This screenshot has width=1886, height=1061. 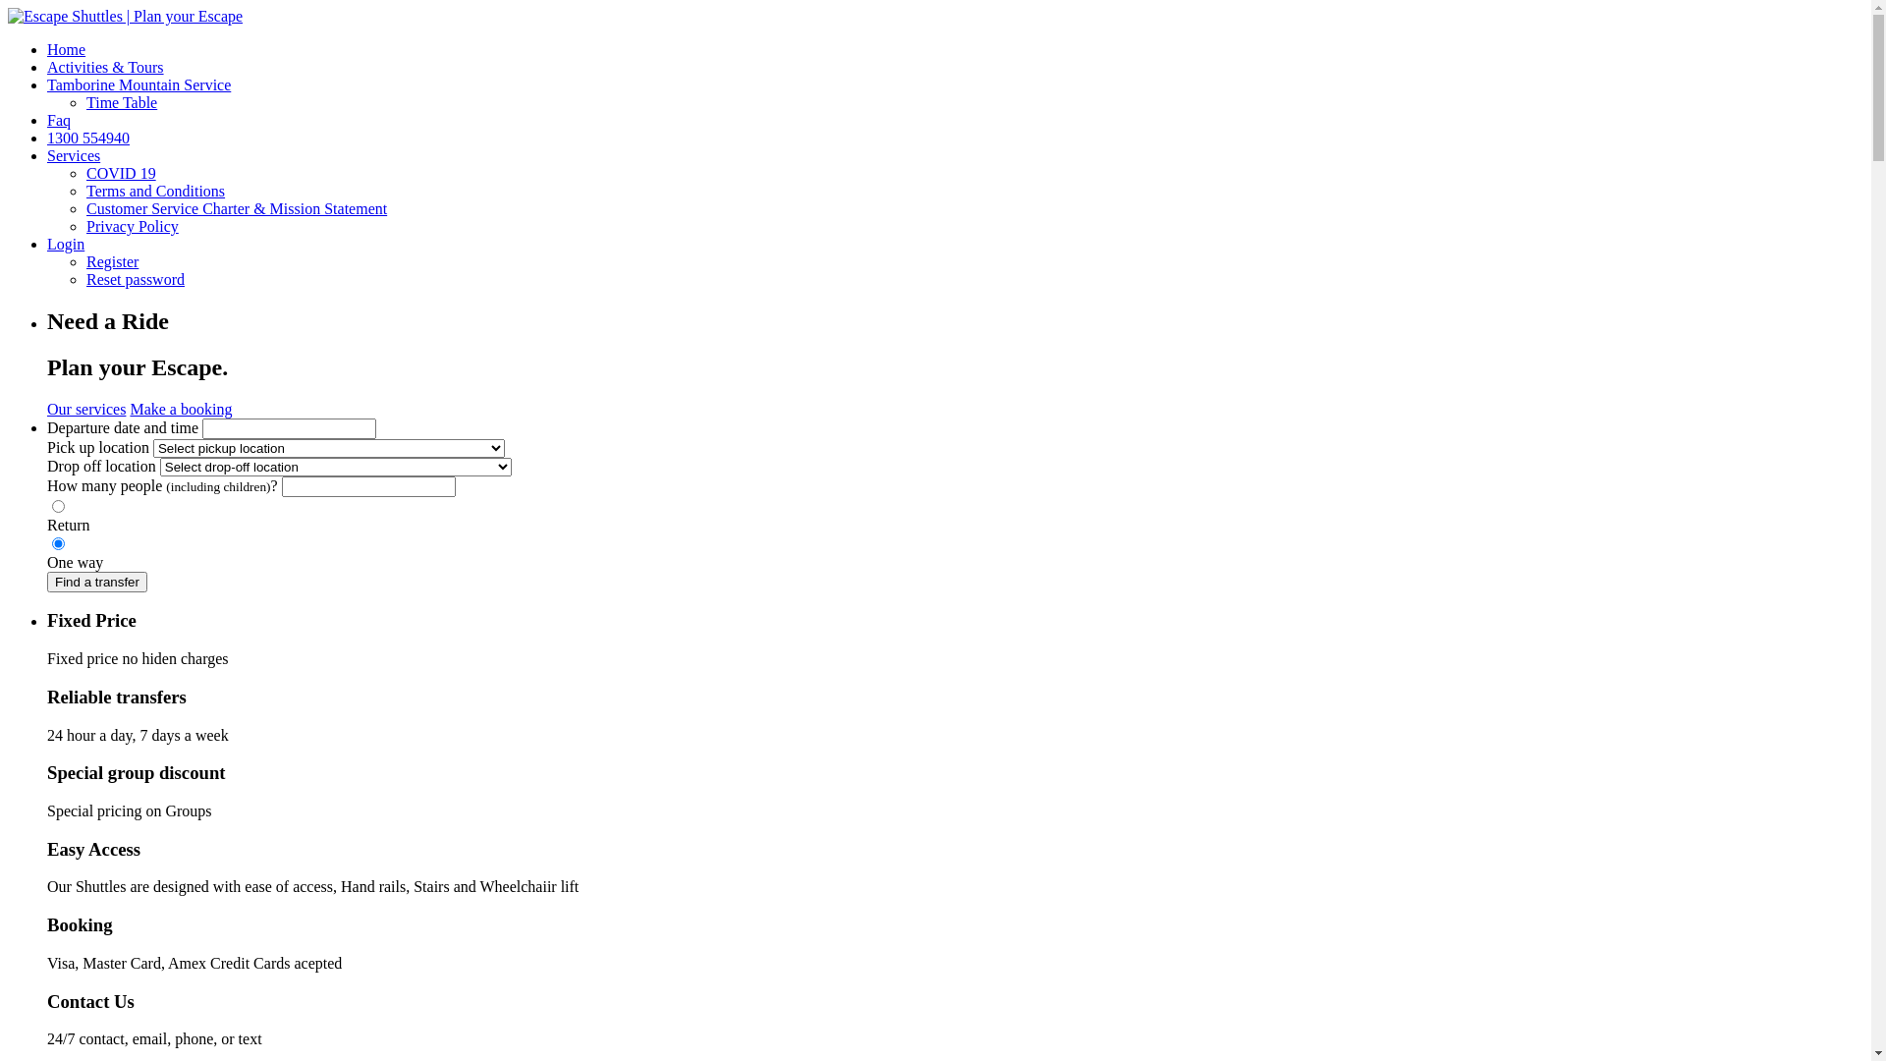 I want to click on 'Home', so click(x=66, y=48).